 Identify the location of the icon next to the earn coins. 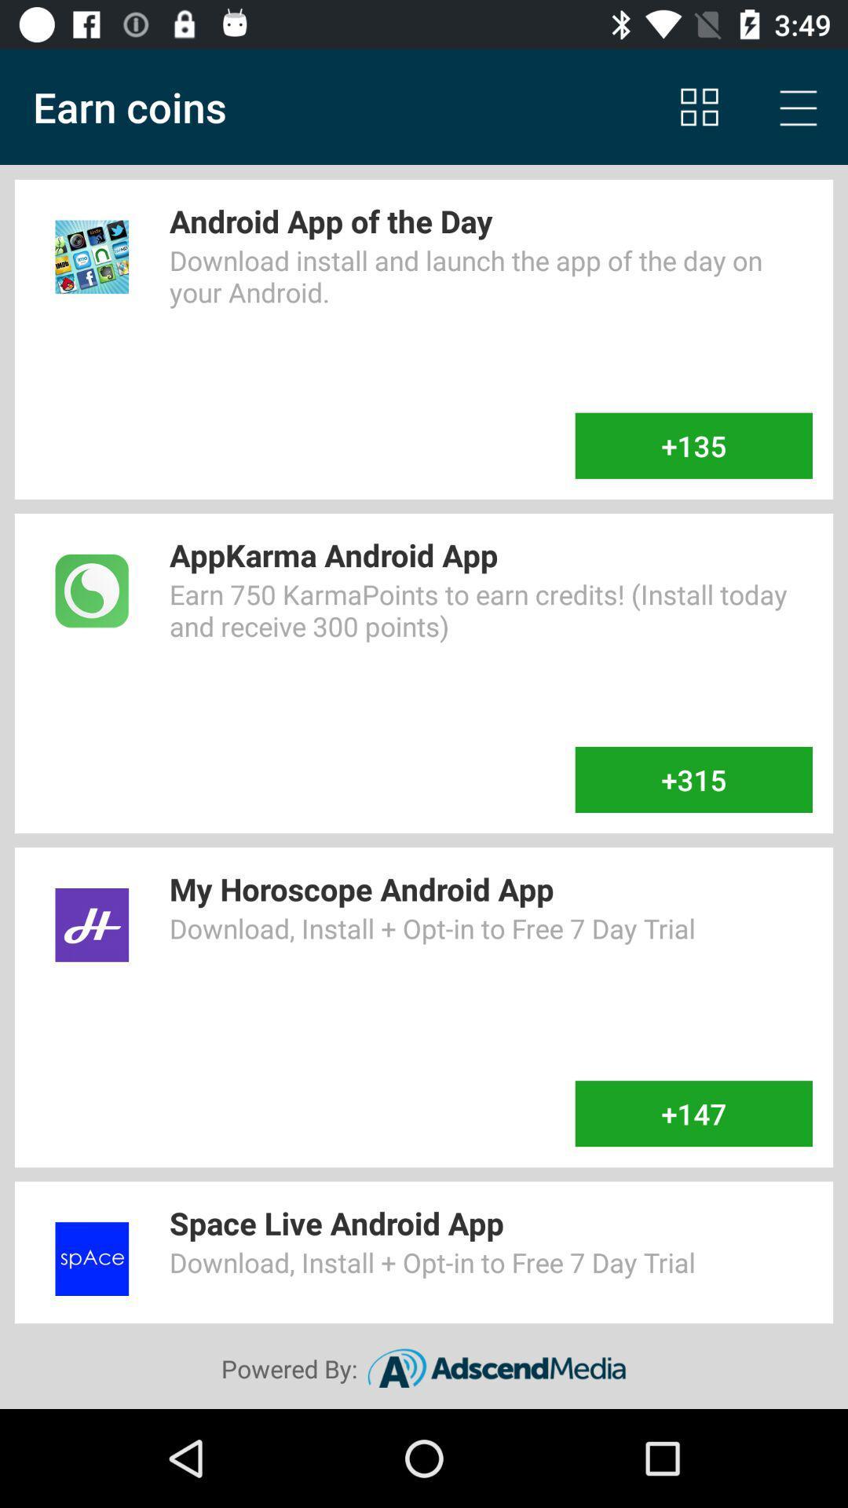
(699, 106).